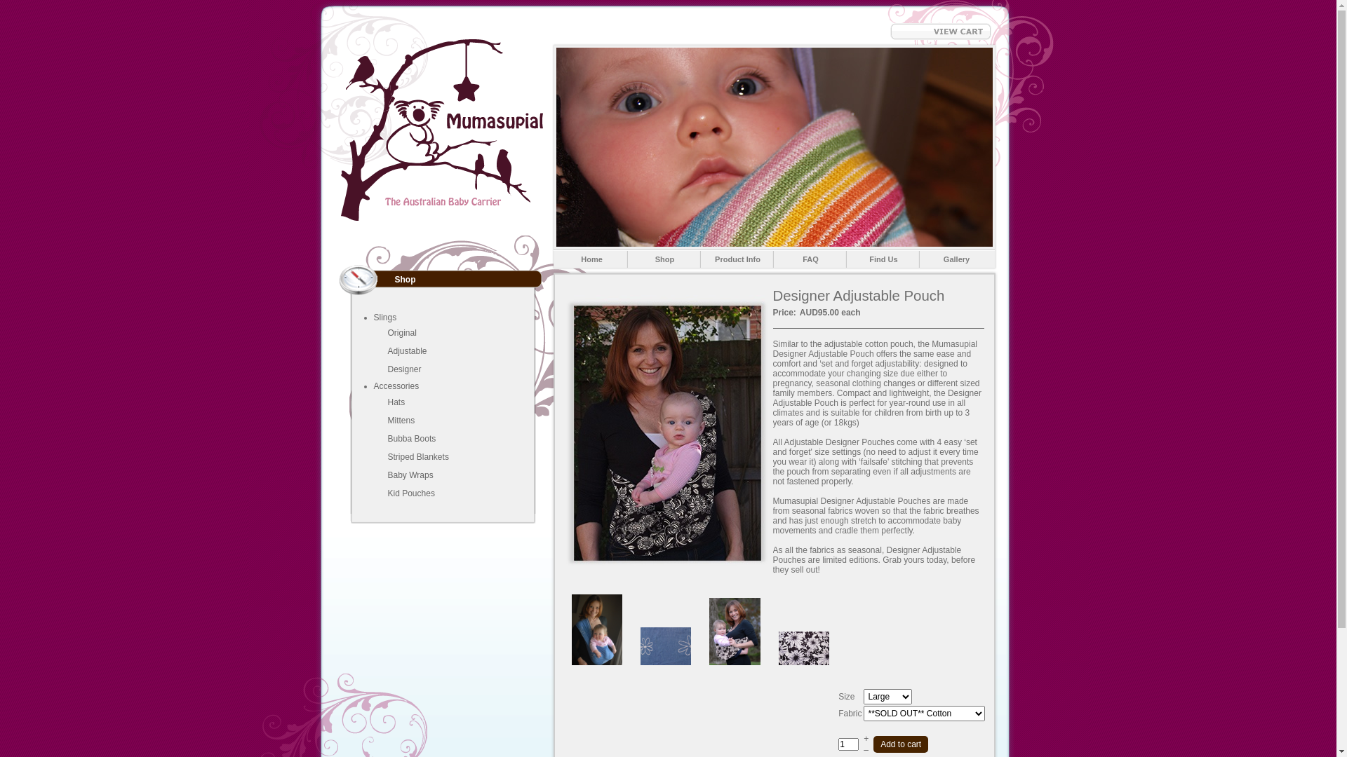 Image resolution: width=1347 pixels, height=757 pixels. Describe the element at coordinates (387, 437) in the screenshot. I see `'Bubba Boots'` at that location.